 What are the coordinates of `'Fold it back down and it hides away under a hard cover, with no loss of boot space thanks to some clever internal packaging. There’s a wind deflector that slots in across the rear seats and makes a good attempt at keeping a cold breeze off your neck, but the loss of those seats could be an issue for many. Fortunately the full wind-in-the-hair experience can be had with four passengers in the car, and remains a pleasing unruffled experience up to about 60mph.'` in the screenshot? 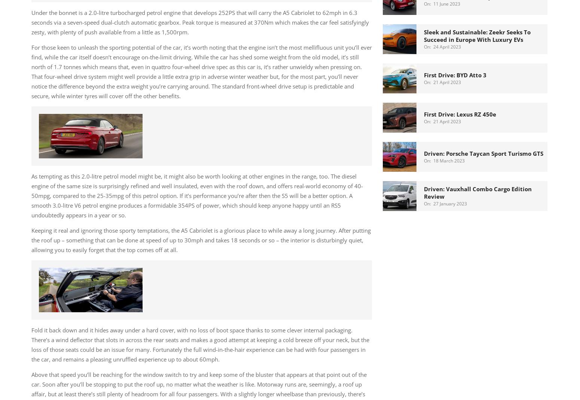 It's located at (200, 344).